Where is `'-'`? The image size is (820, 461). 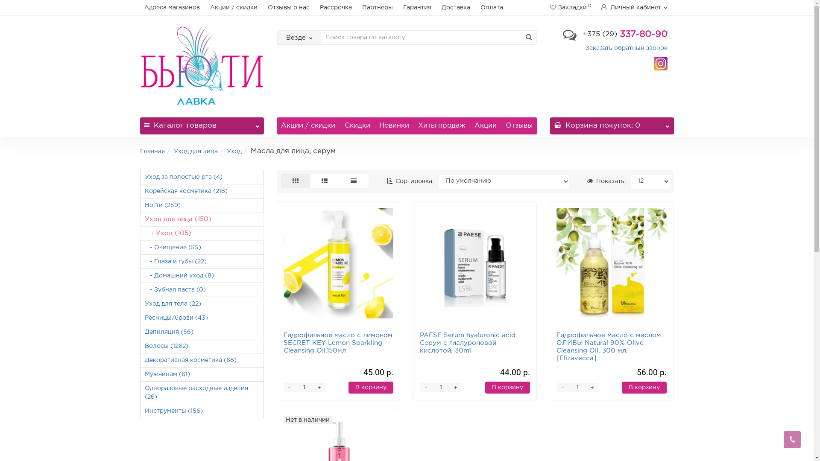 '-' is located at coordinates (562, 387).